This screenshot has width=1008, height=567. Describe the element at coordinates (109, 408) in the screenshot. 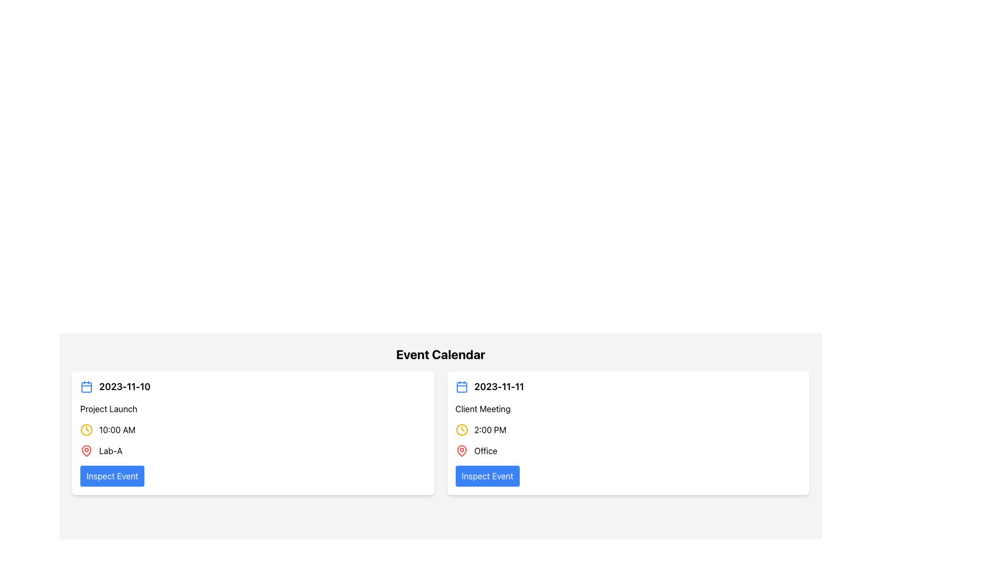

I see `the text label displaying 'Project Launch'` at that location.